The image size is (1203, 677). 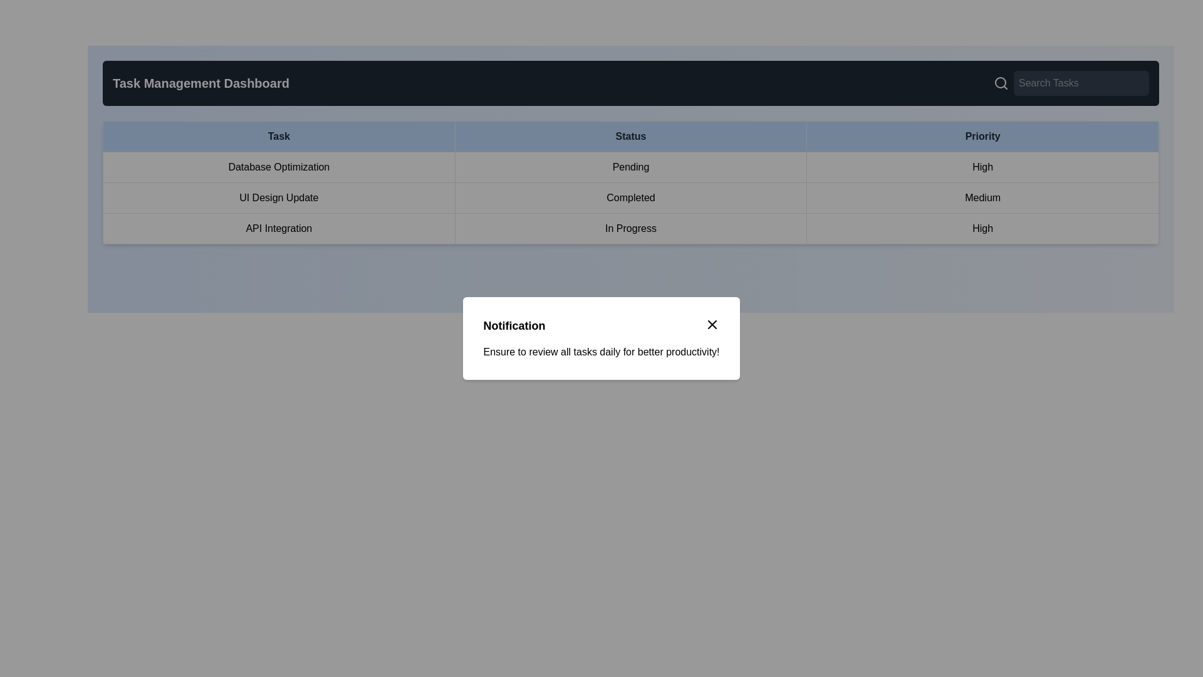 What do you see at coordinates (631, 229) in the screenshot?
I see `the third row of the table that contains the text elements 'API Integration', 'In Progress', and 'High'` at bounding box center [631, 229].